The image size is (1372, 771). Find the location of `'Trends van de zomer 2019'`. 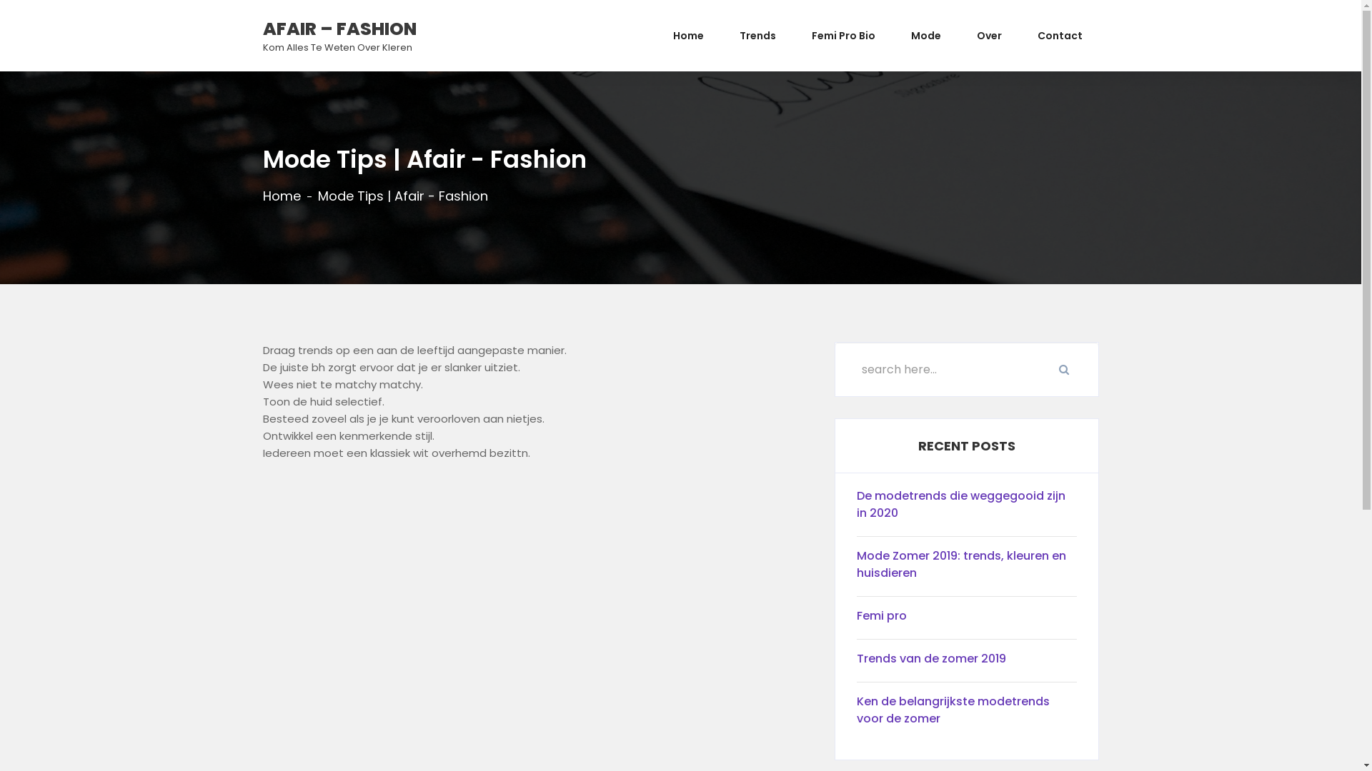

'Trends van de zomer 2019' is located at coordinates (966, 662).